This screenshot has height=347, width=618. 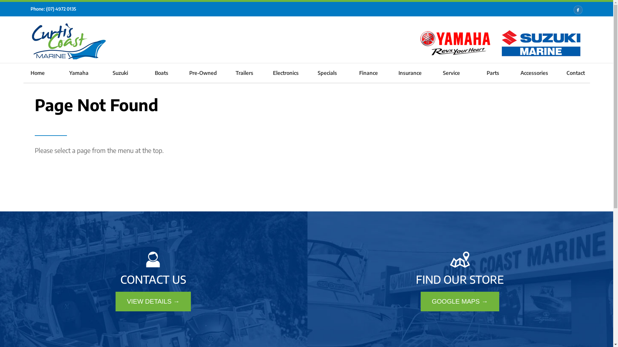 What do you see at coordinates (37, 72) in the screenshot?
I see `'Home'` at bounding box center [37, 72].